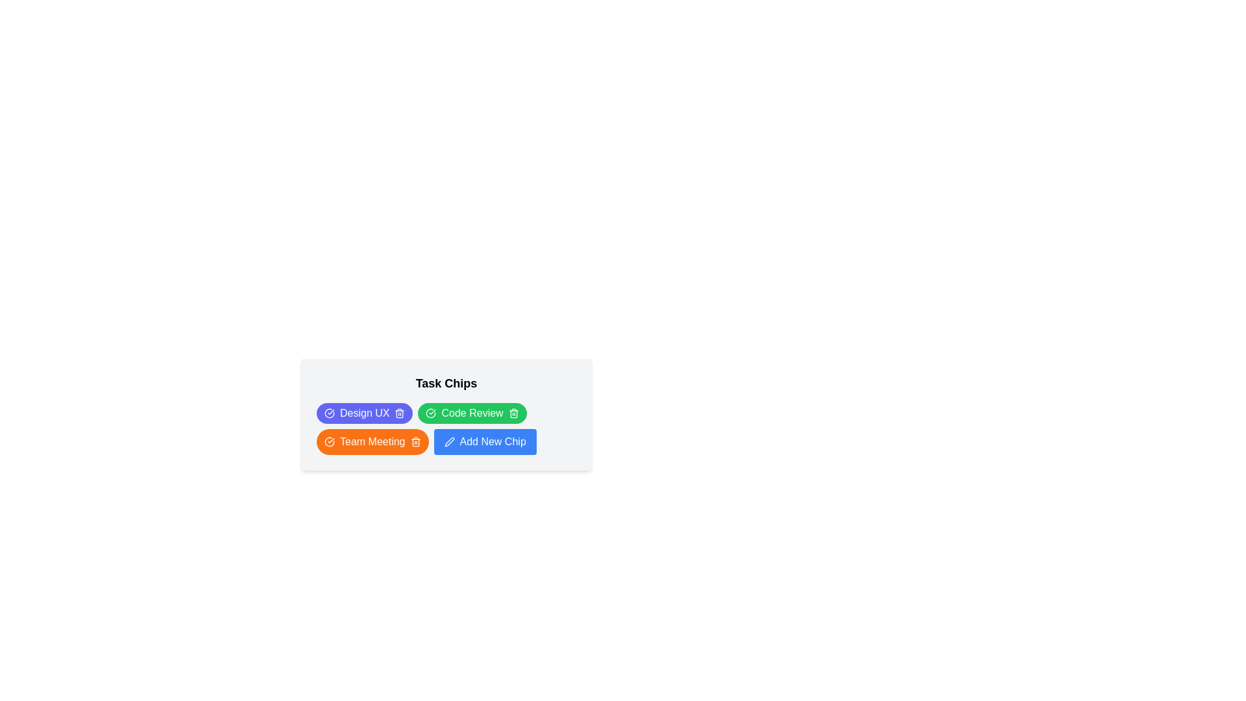 The width and height of the screenshot is (1246, 701). What do you see at coordinates (446, 415) in the screenshot?
I see `the green 'Code Review' interactive chip button with a checkmark icon on the left and a trash bin icon on the right` at bounding box center [446, 415].